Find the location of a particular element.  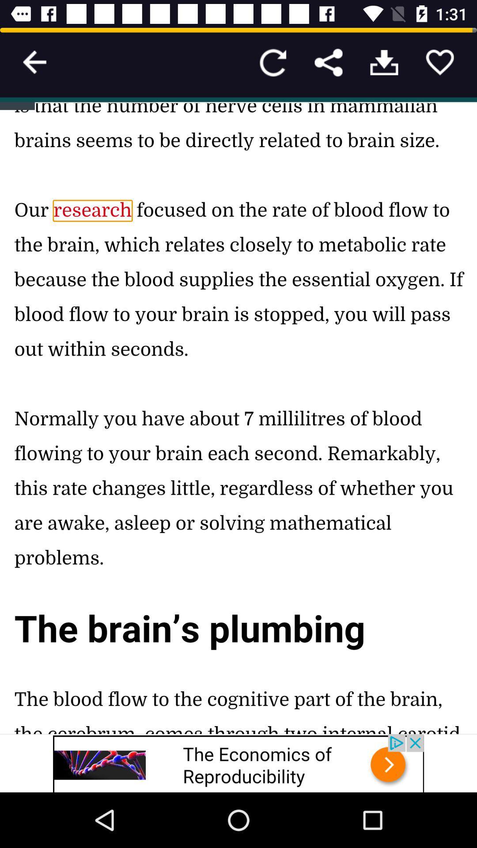

the file_download icon is located at coordinates (384, 62).